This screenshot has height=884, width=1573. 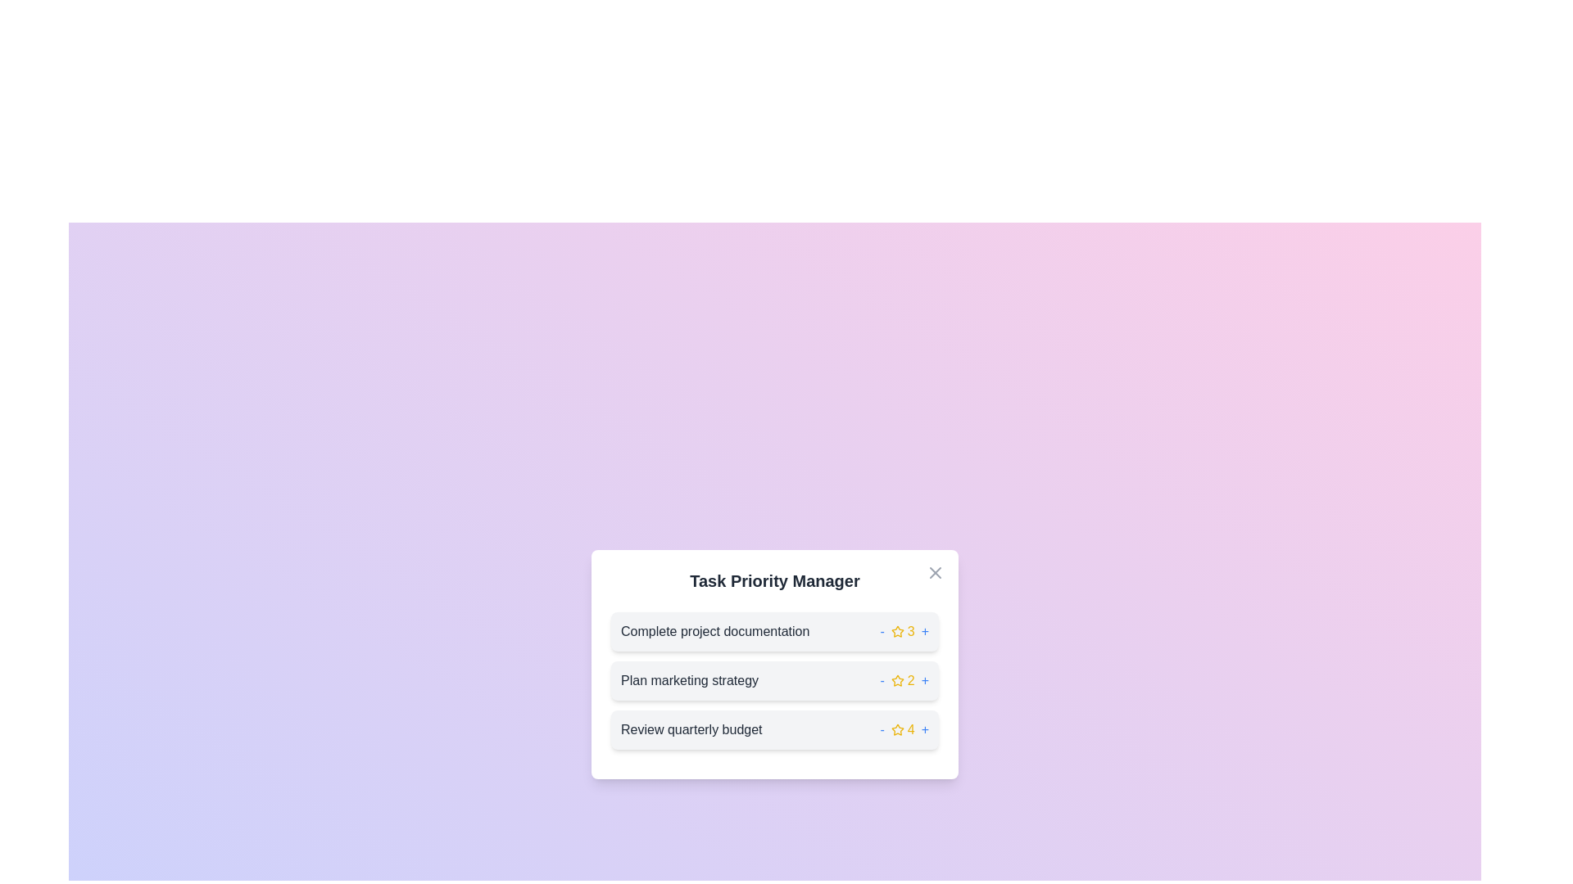 I want to click on '+' button next to the task with ID 3, so click(x=925, y=728).